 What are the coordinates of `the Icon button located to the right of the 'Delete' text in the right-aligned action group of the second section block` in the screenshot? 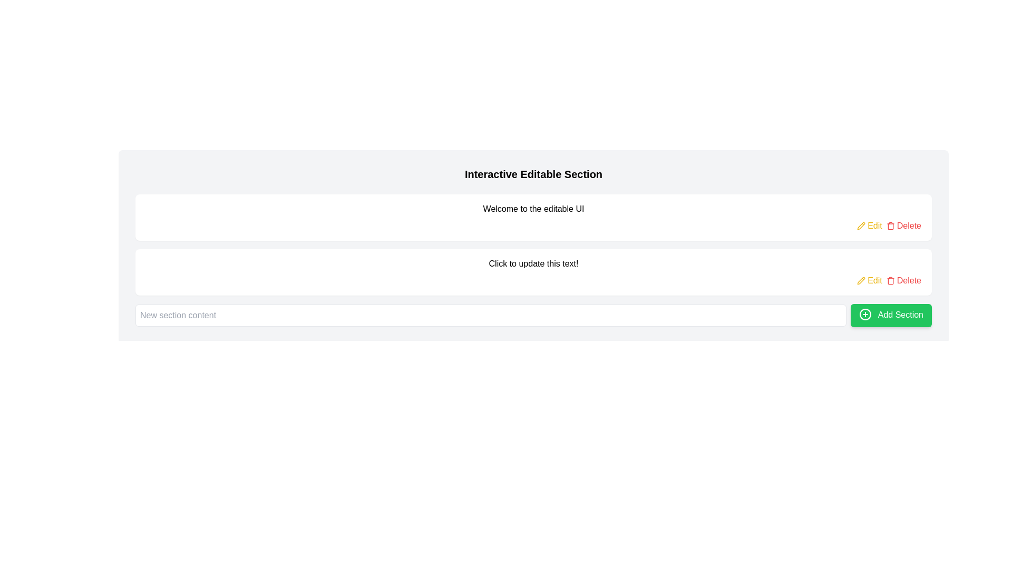 It's located at (890, 280).